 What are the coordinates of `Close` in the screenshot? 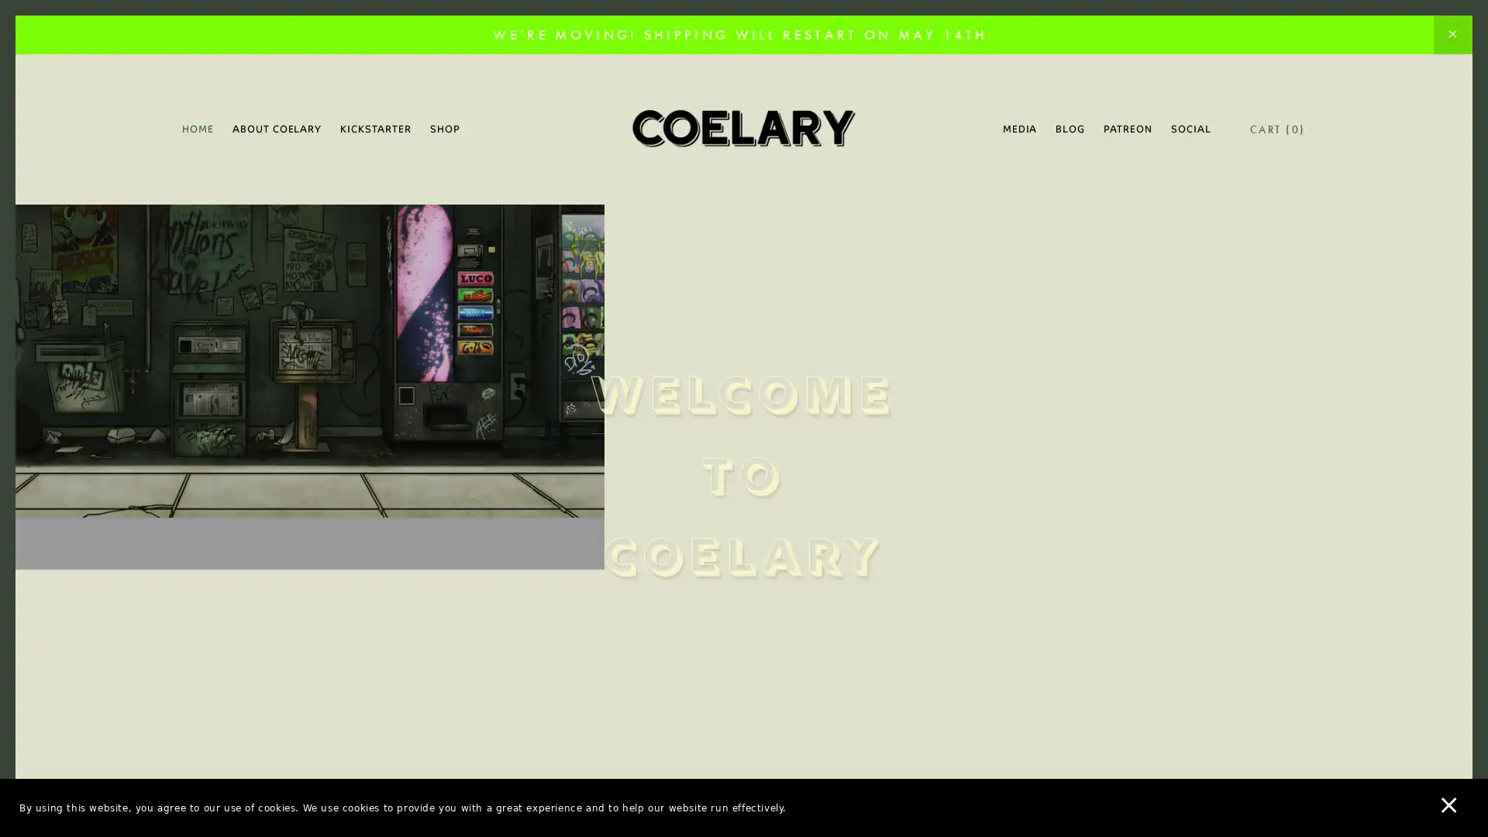 It's located at (1015, 181).